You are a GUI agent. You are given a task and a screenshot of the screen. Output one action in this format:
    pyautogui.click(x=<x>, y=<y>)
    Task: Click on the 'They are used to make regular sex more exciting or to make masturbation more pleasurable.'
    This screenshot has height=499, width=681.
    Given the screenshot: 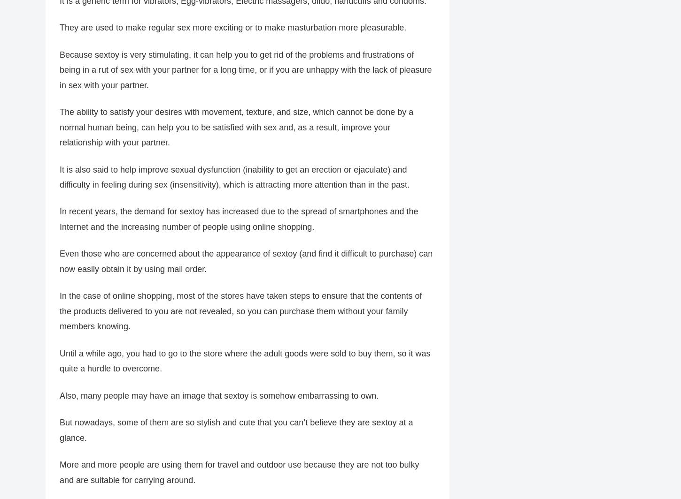 What is the action you would take?
    pyautogui.click(x=233, y=28)
    